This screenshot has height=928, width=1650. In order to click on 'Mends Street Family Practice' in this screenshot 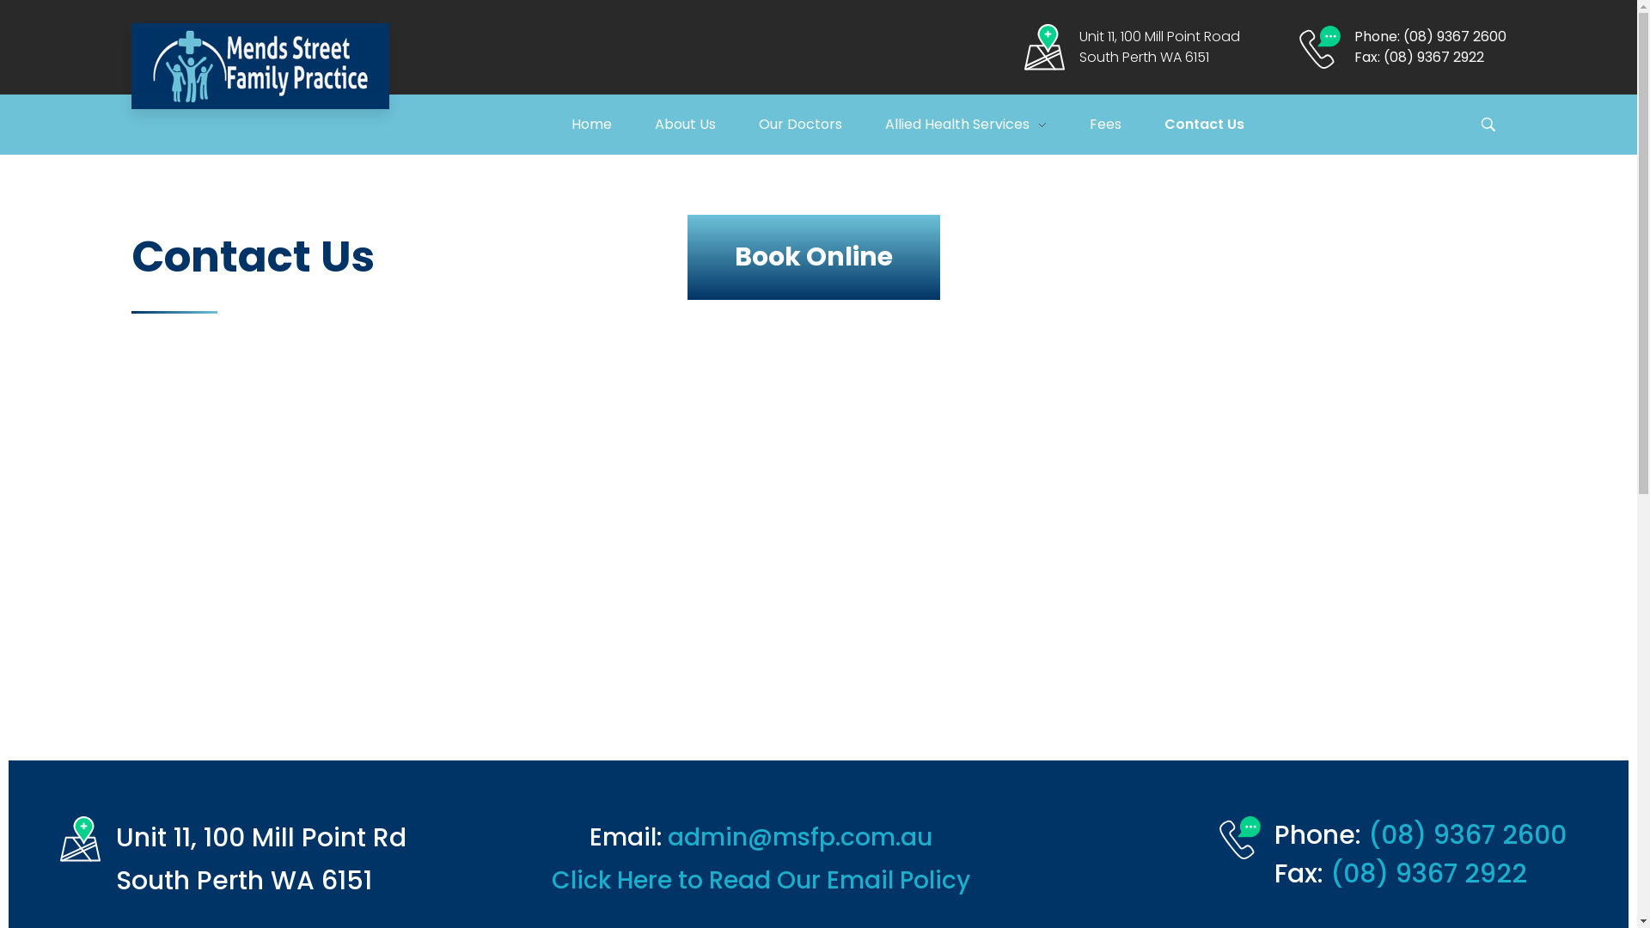, I will do `click(259, 65)`.